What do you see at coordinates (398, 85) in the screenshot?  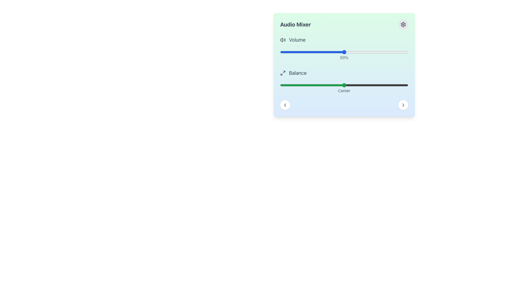 I see `balance` at bounding box center [398, 85].